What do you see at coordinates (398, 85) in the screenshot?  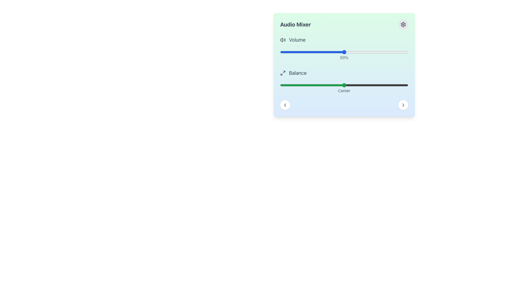 I see `balance` at bounding box center [398, 85].